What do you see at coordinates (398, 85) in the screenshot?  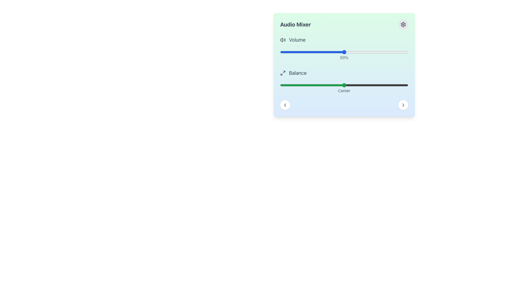 I see `balance` at bounding box center [398, 85].